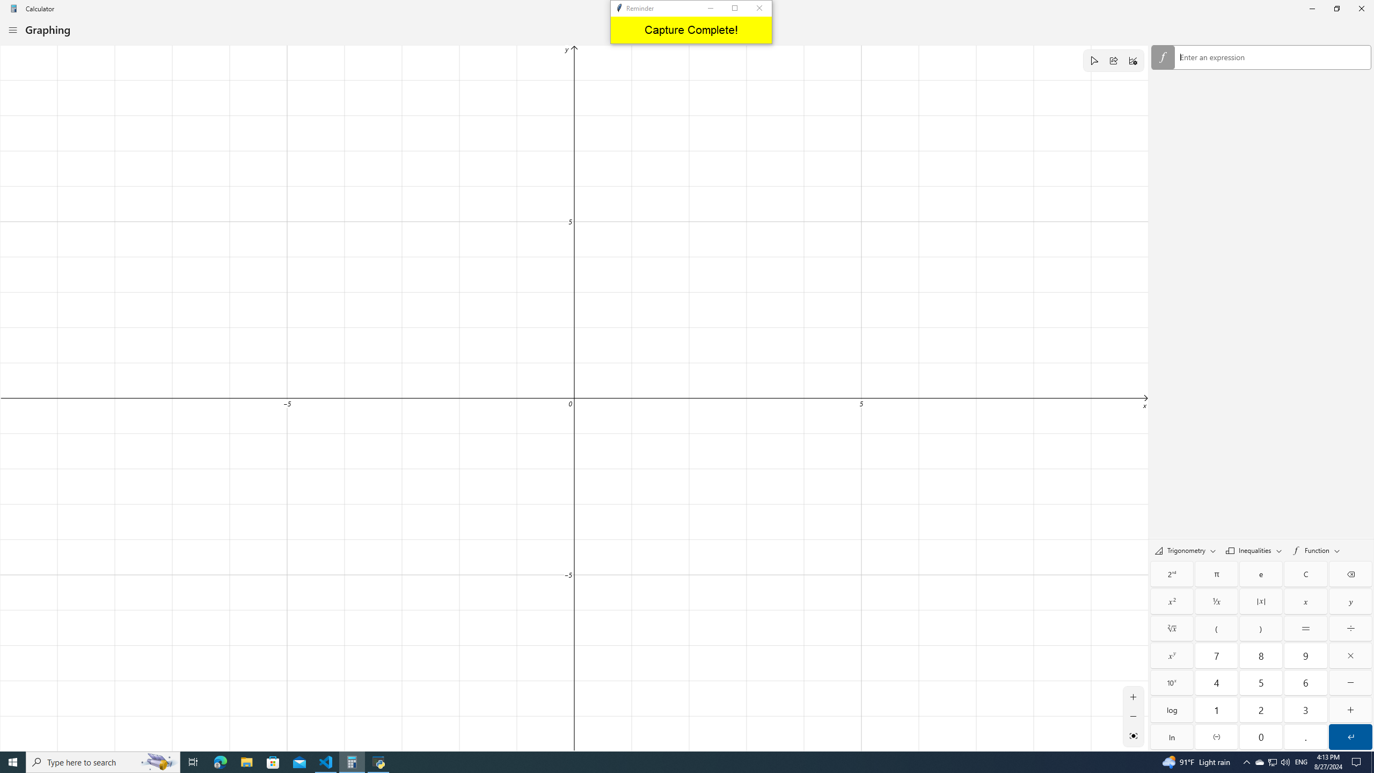  What do you see at coordinates (1253, 549) in the screenshot?
I see `'Inequalities'` at bounding box center [1253, 549].